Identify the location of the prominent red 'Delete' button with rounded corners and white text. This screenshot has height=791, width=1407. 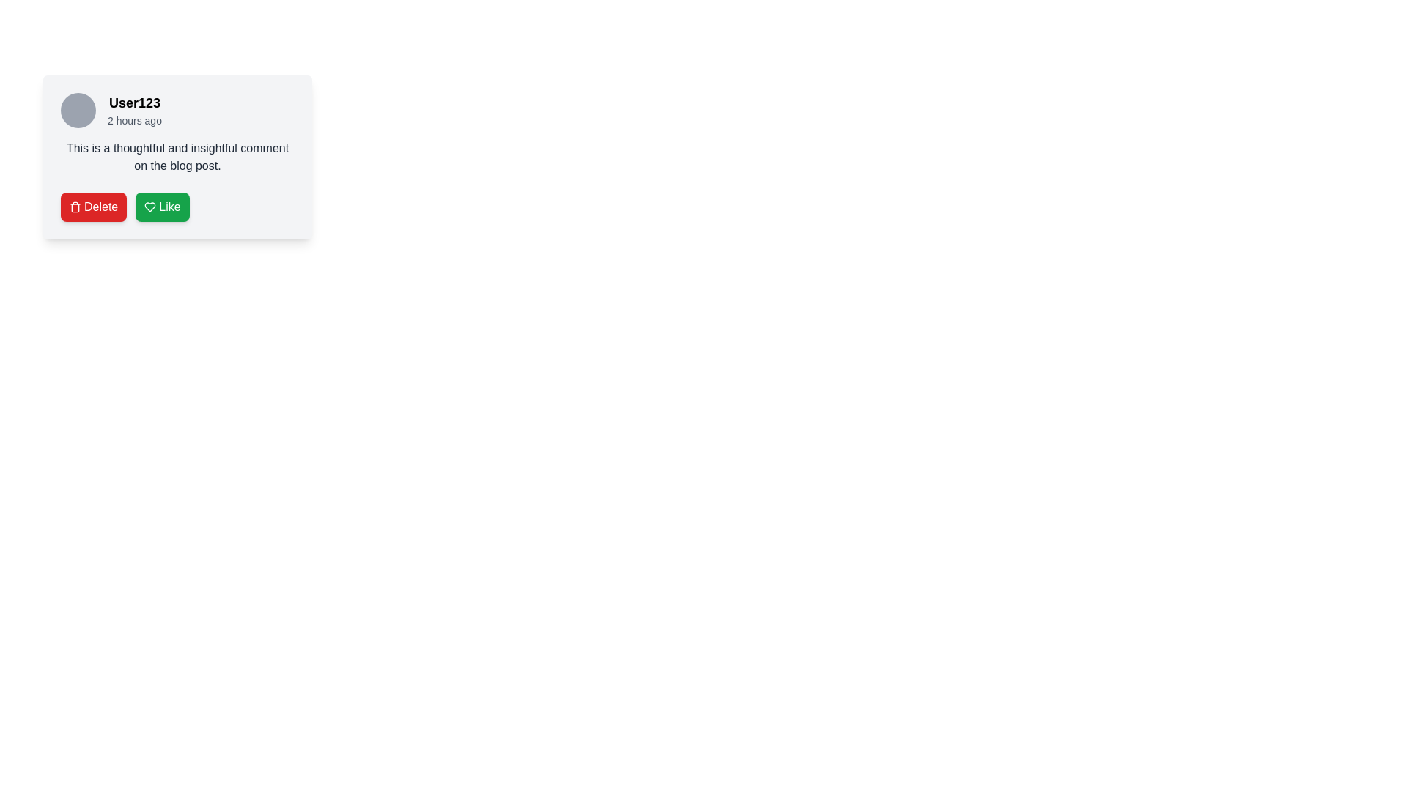
(93, 207).